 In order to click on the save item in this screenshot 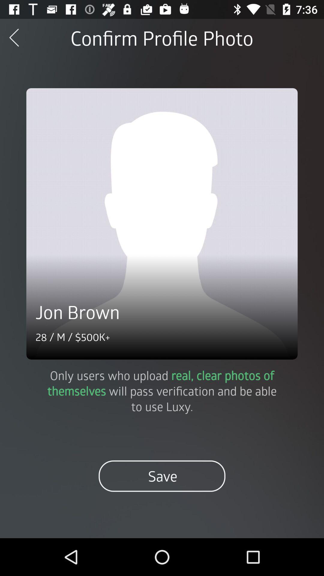, I will do `click(162, 476)`.